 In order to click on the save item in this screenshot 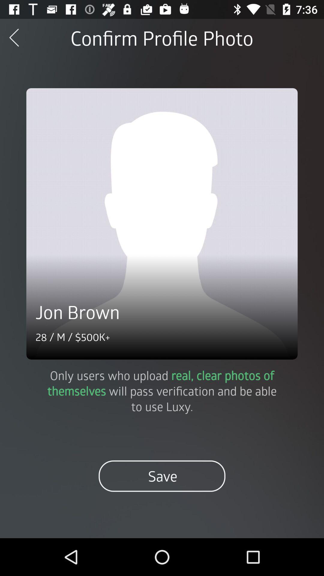, I will do `click(162, 476)`.